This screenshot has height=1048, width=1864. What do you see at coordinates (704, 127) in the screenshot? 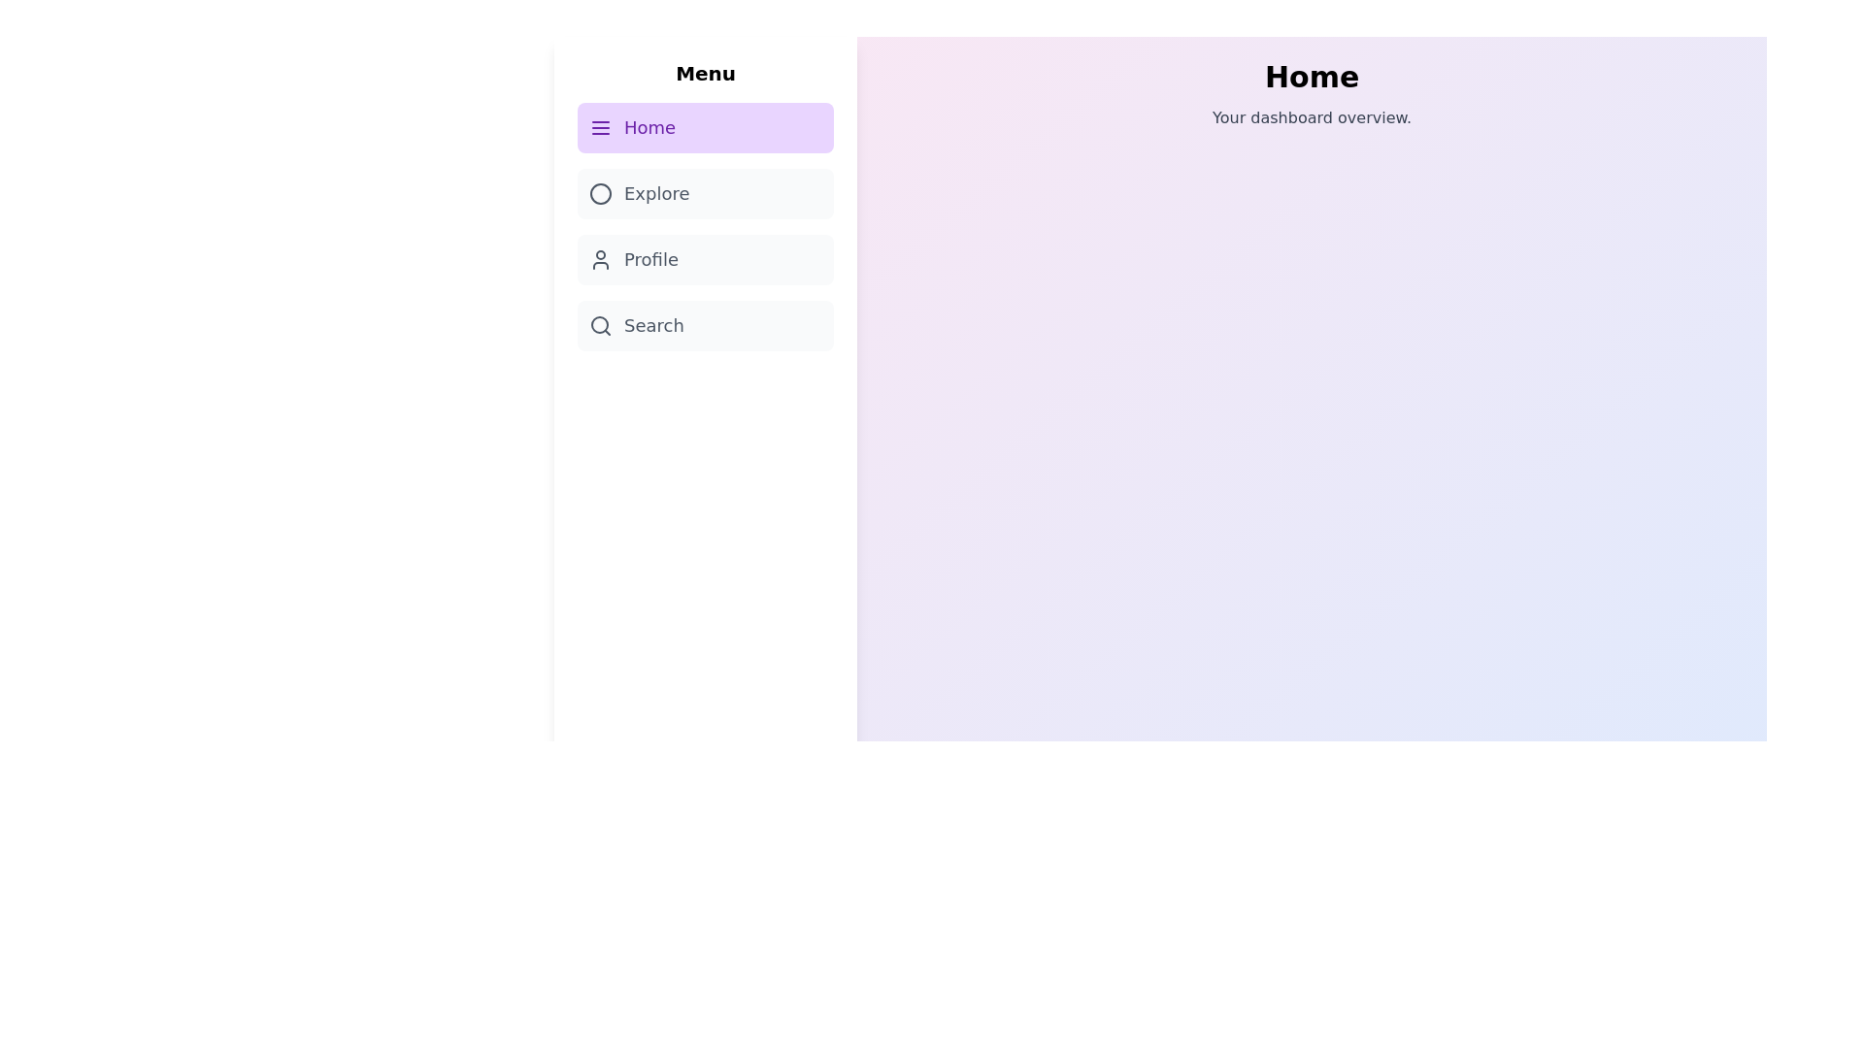
I see `the sidebar menu item corresponding to Home` at bounding box center [704, 127].